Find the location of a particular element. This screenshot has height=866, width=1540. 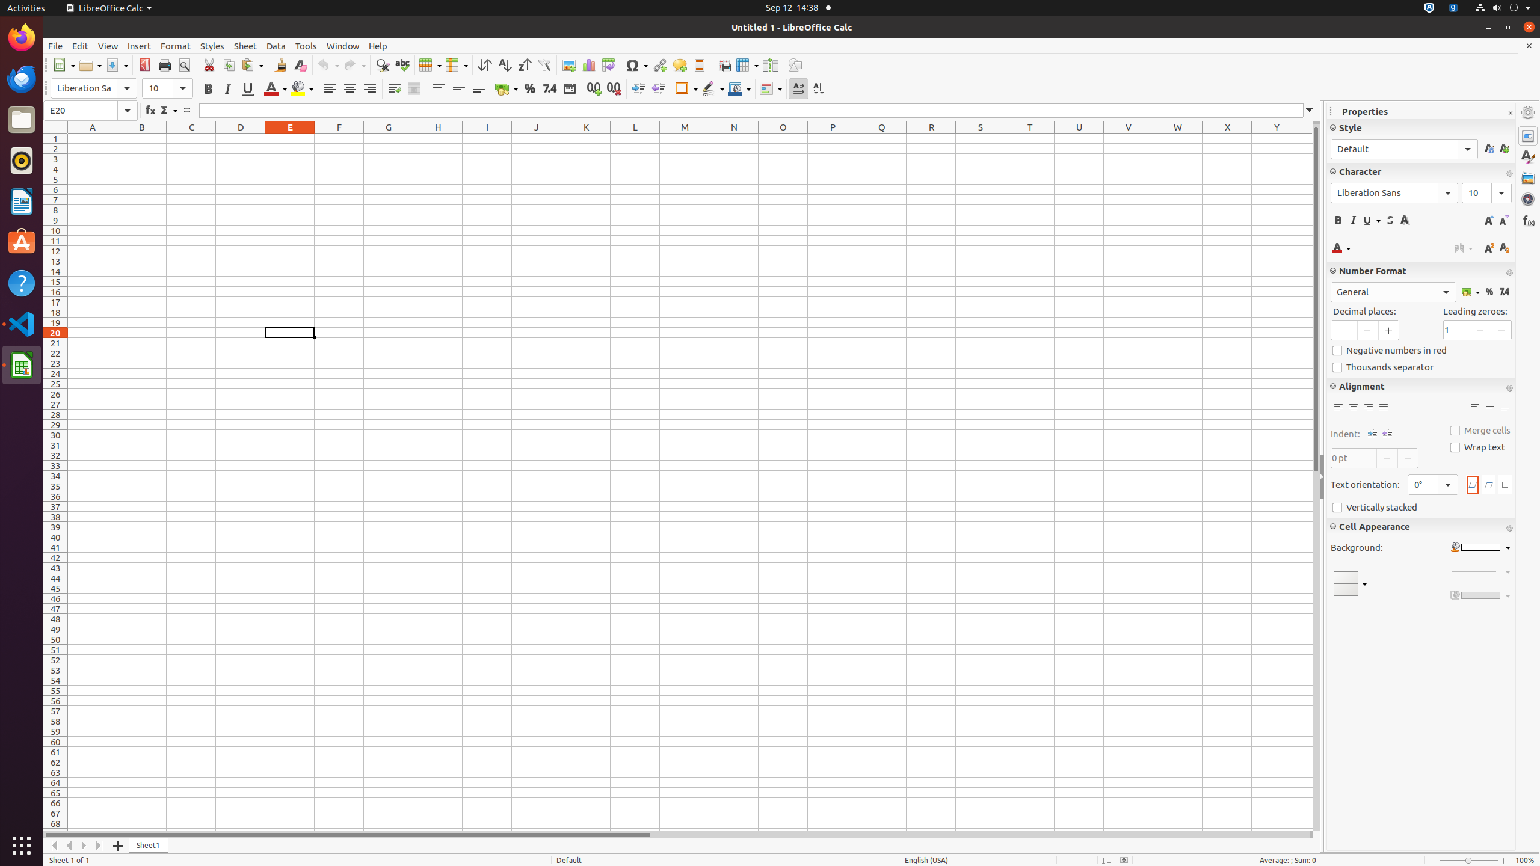

'Sheet' is located at coordinates (245, 46).